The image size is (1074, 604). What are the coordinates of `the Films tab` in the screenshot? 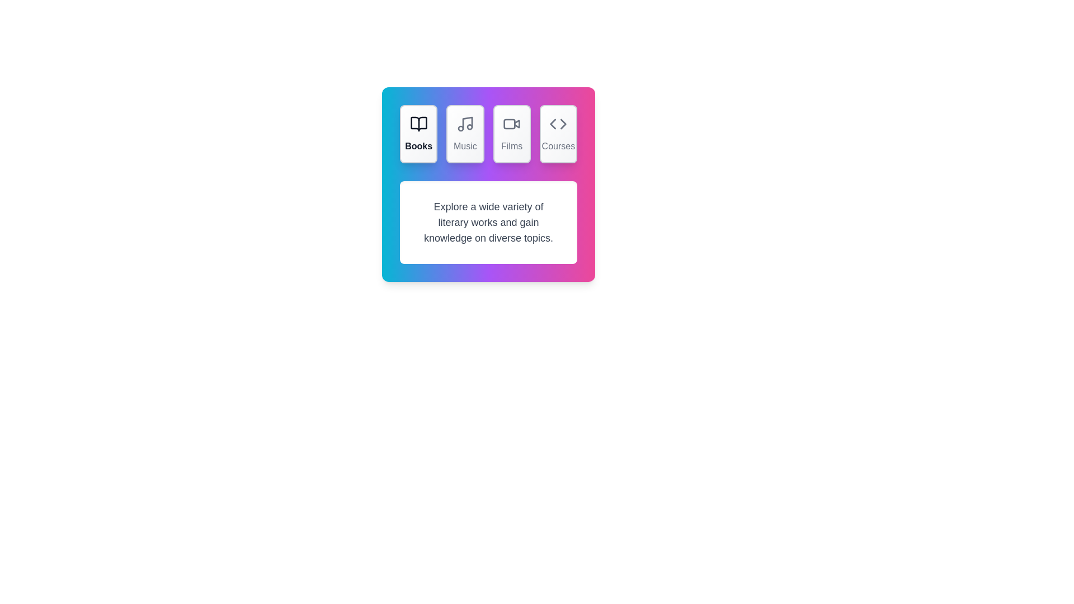 It's located at (511, 133).